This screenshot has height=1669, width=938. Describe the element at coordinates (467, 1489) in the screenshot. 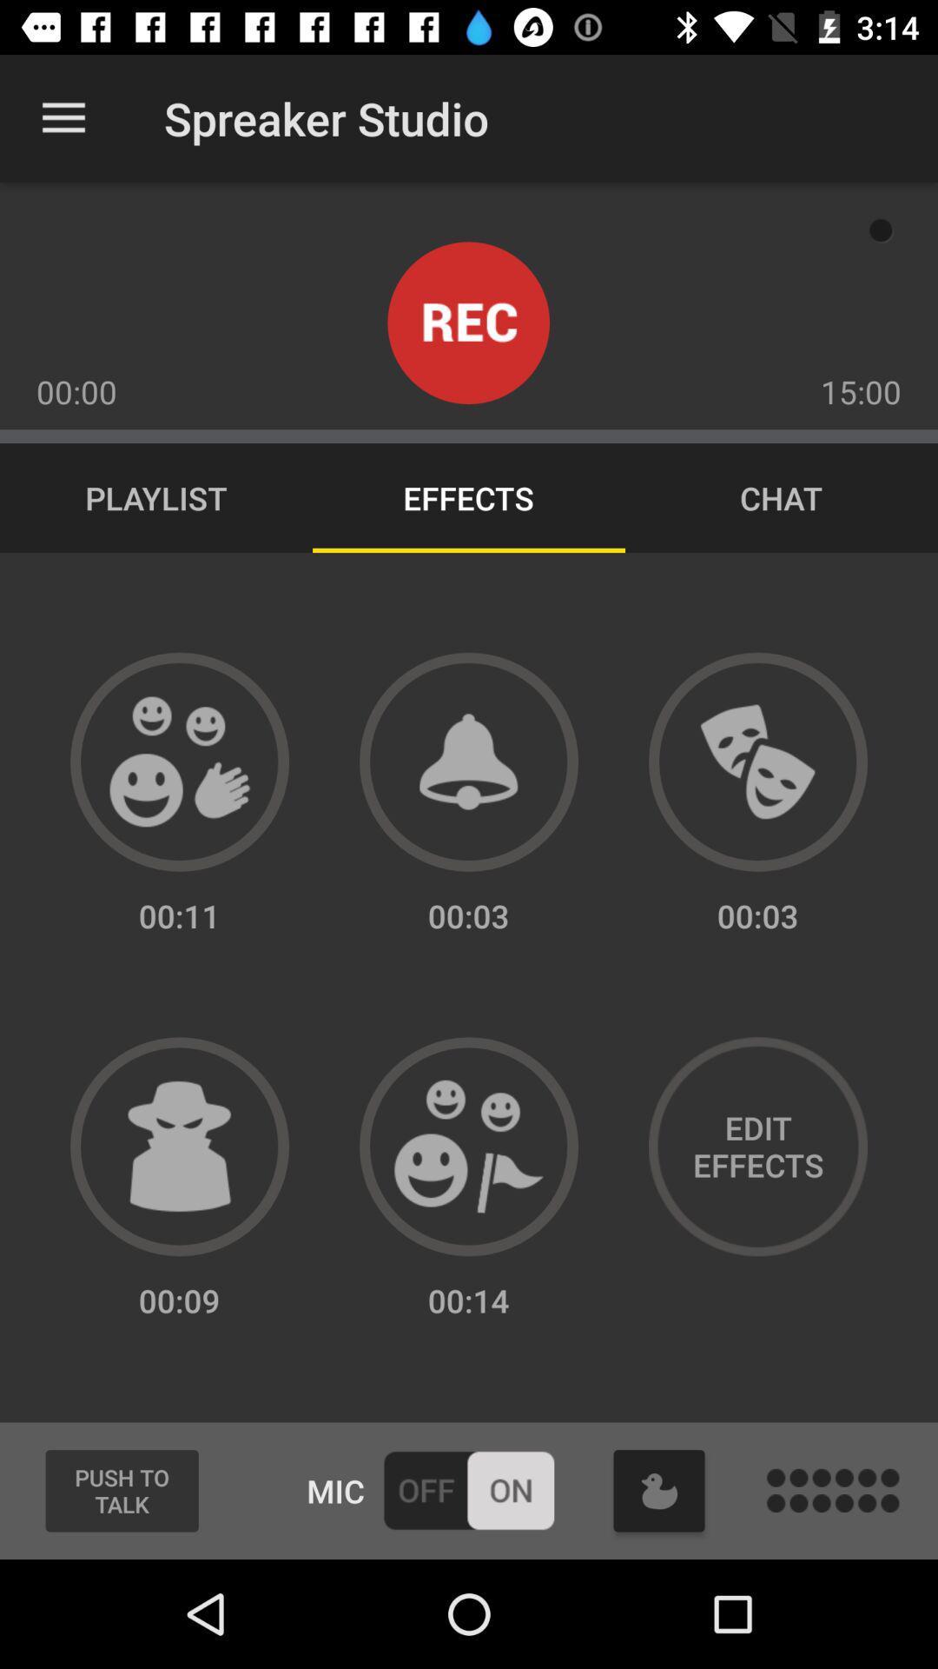

I see `mic option` at that location.